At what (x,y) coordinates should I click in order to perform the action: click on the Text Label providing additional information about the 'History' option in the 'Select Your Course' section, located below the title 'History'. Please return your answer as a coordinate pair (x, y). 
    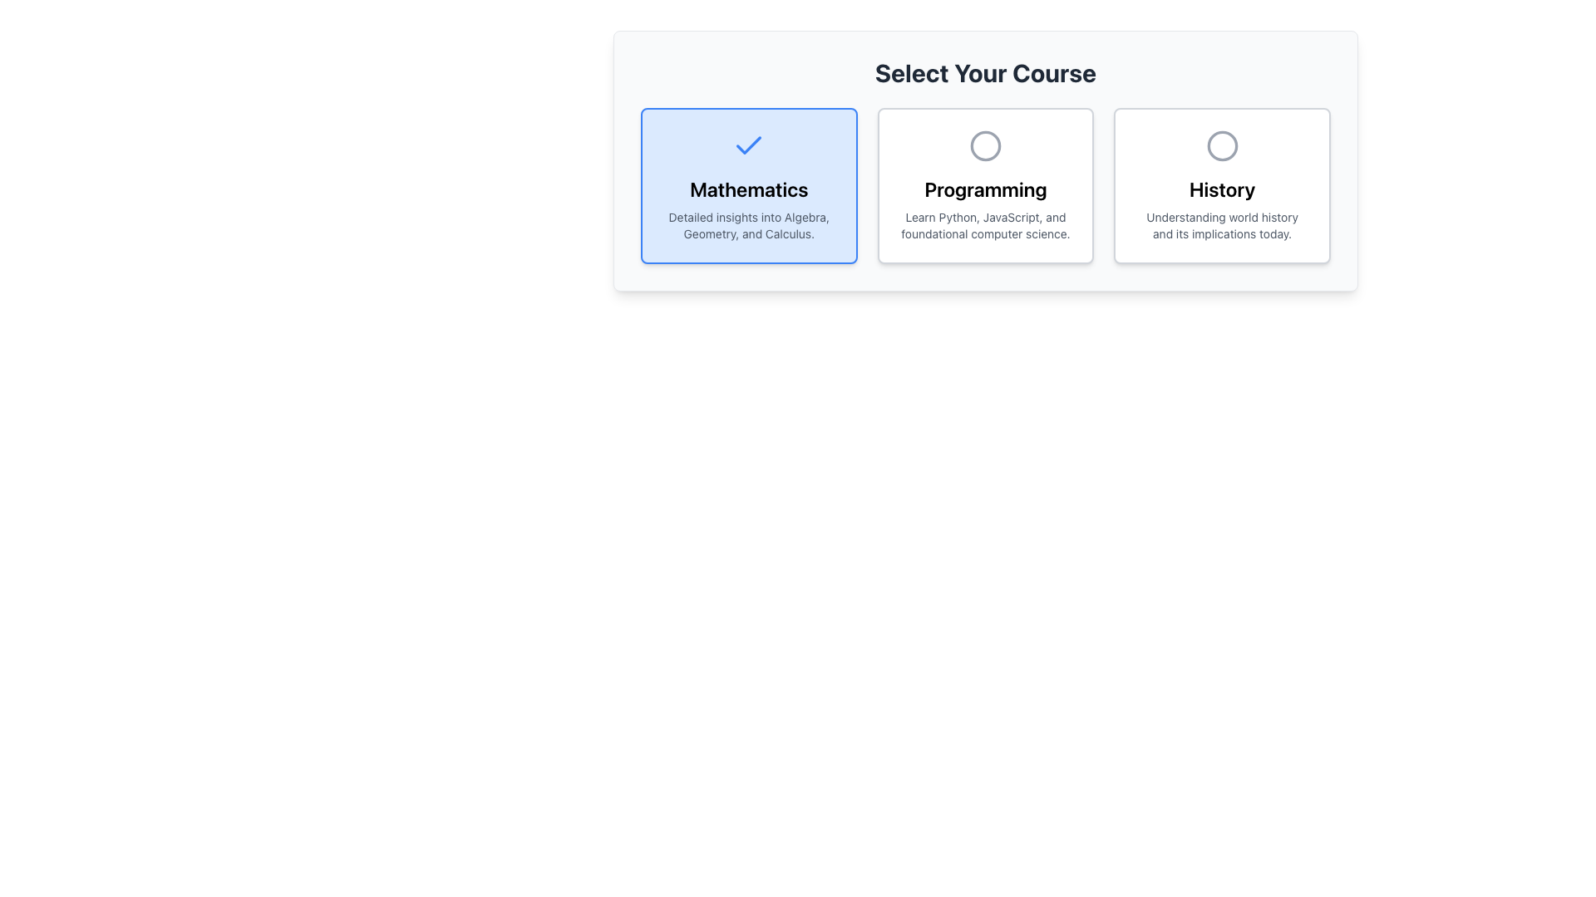
    Looking at the image, I should click on (1222, 226).